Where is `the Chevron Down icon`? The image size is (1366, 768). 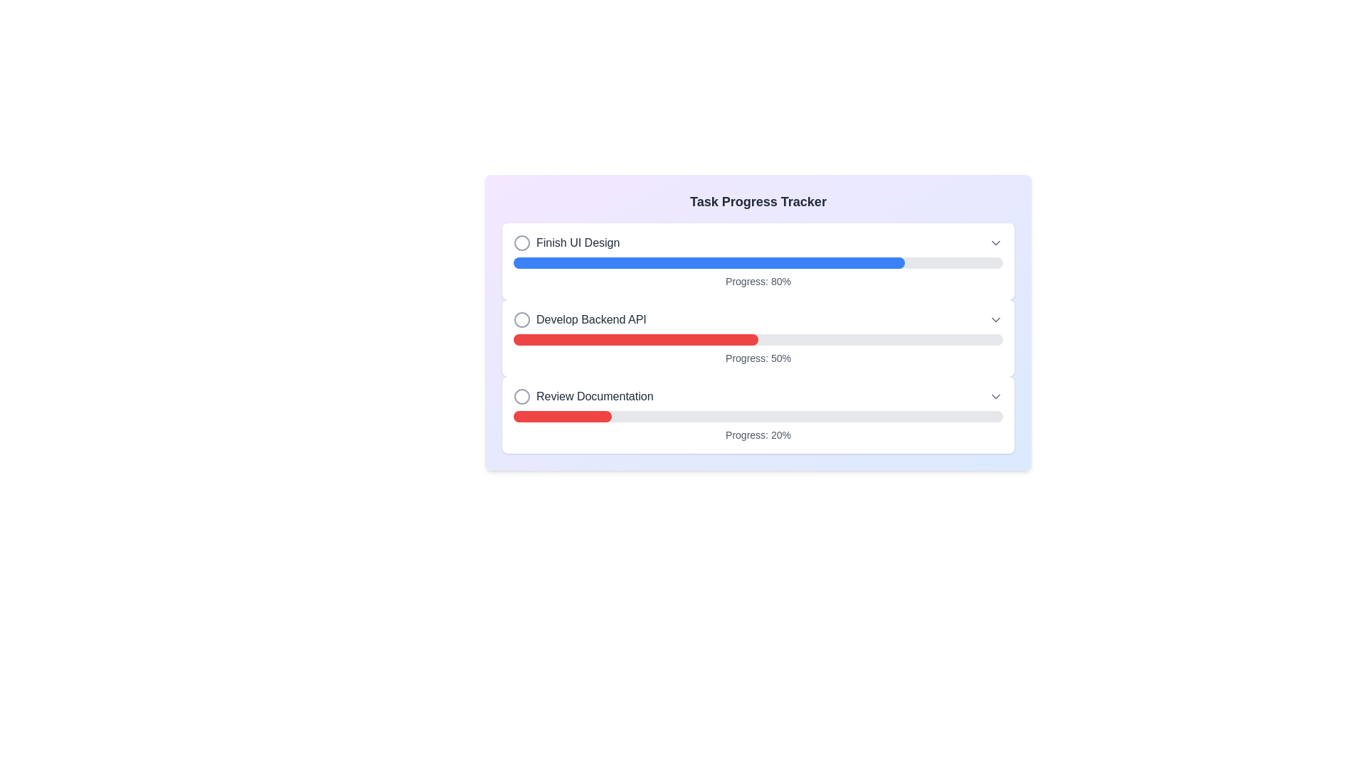
the Chevron Down icon is located at coordinates (995, 397).